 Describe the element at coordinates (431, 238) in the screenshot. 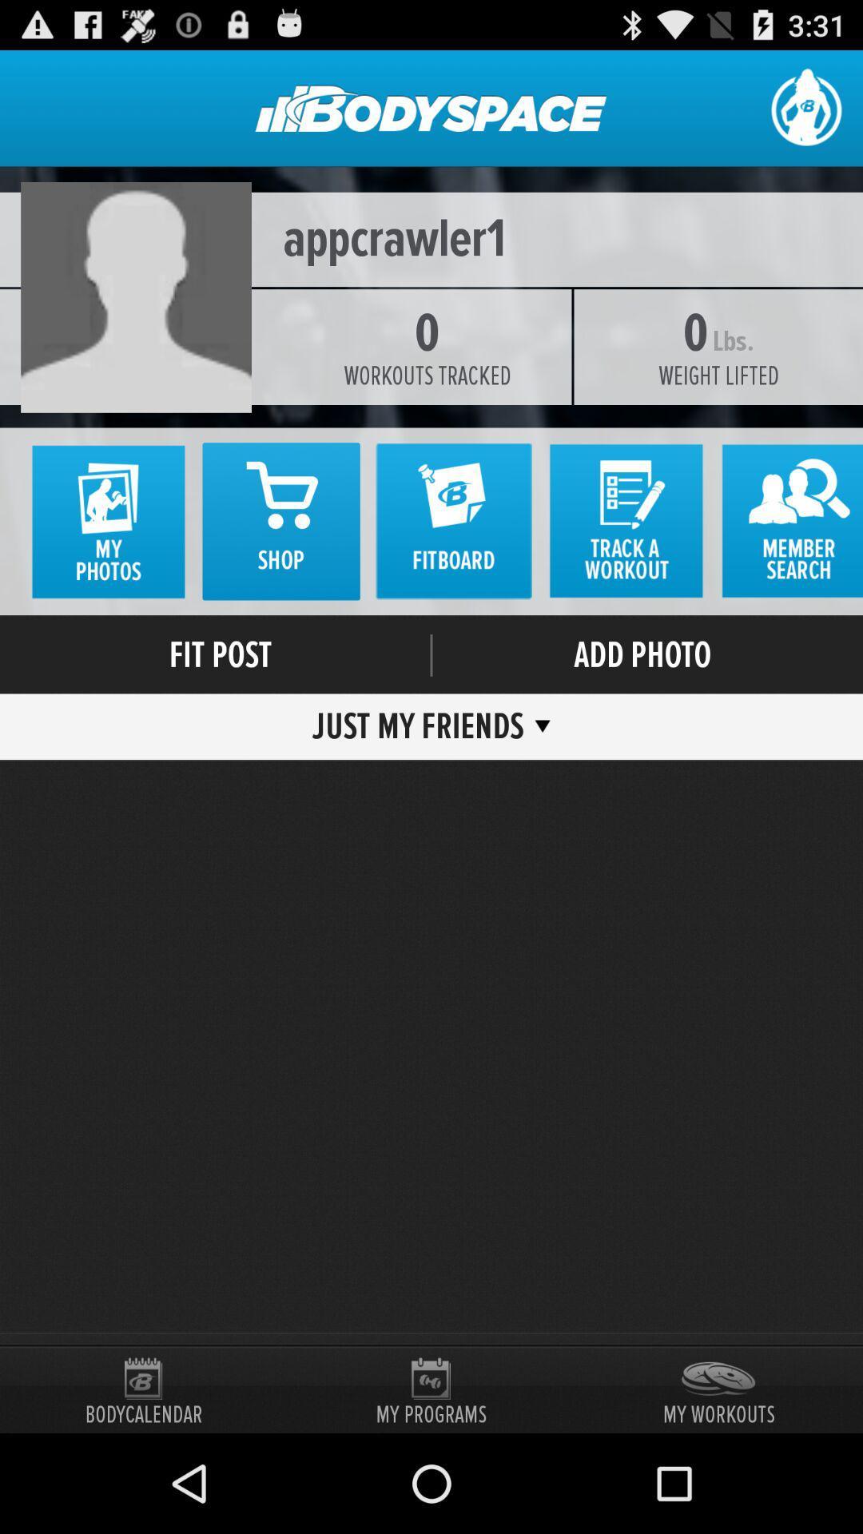

I see `appcrawler1 item` at that location.